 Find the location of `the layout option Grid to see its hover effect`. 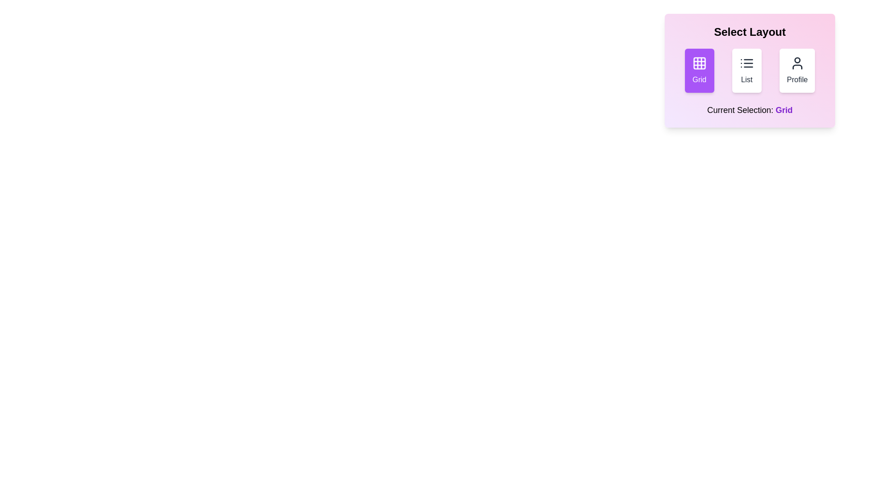

the layout option Grid to see its hover effect is located at coordinates (699, 70).